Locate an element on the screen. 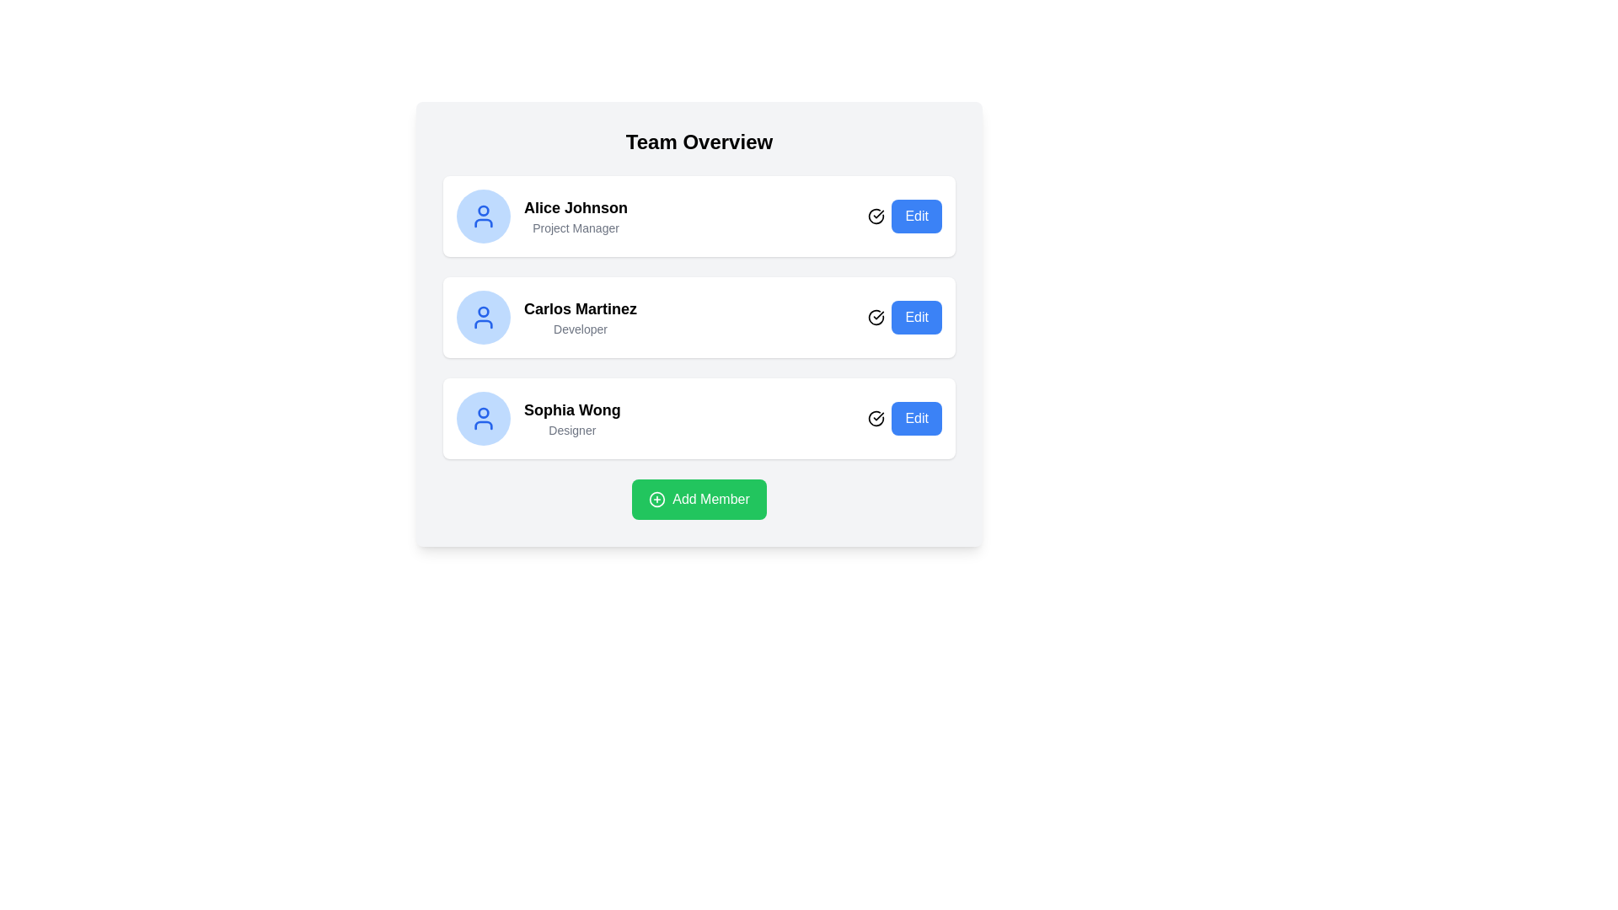  the status icon with a checkmark style located immediately to the left of the 'Edit' button in the row for 'Carlos Martinez' is located at coordinates (876, 318).